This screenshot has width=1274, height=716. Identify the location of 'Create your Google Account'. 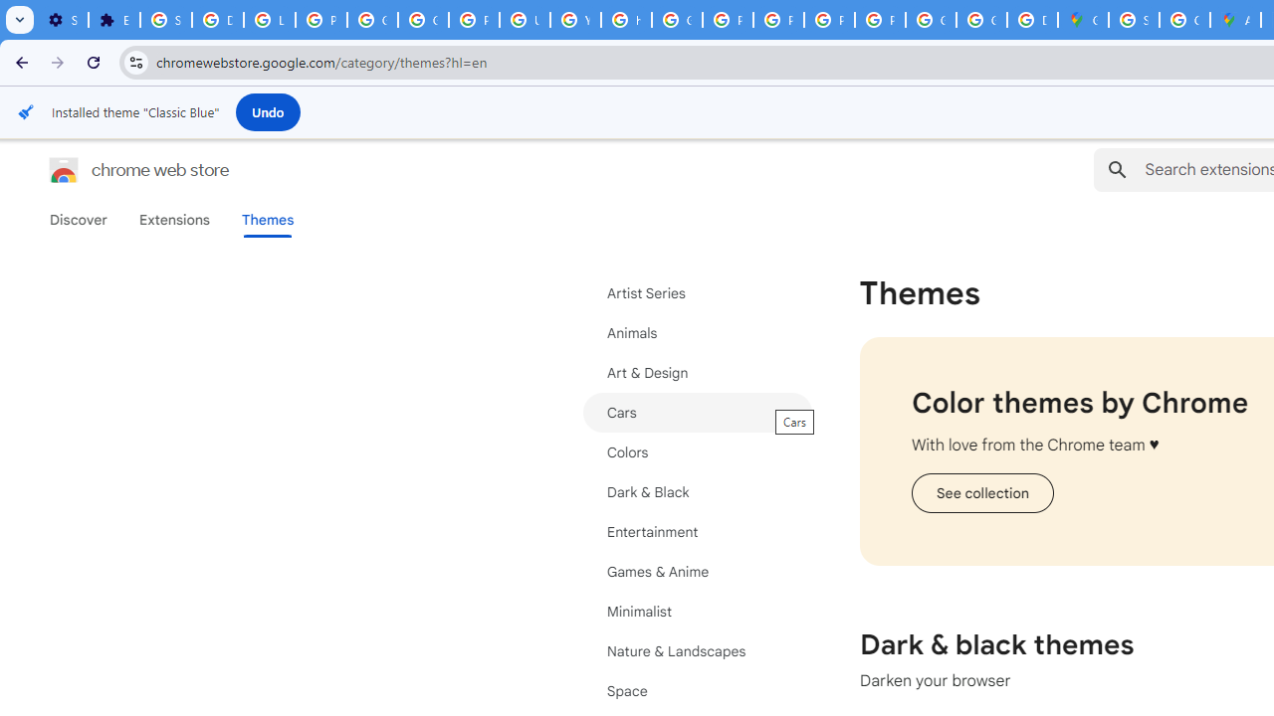
(1184, 20).